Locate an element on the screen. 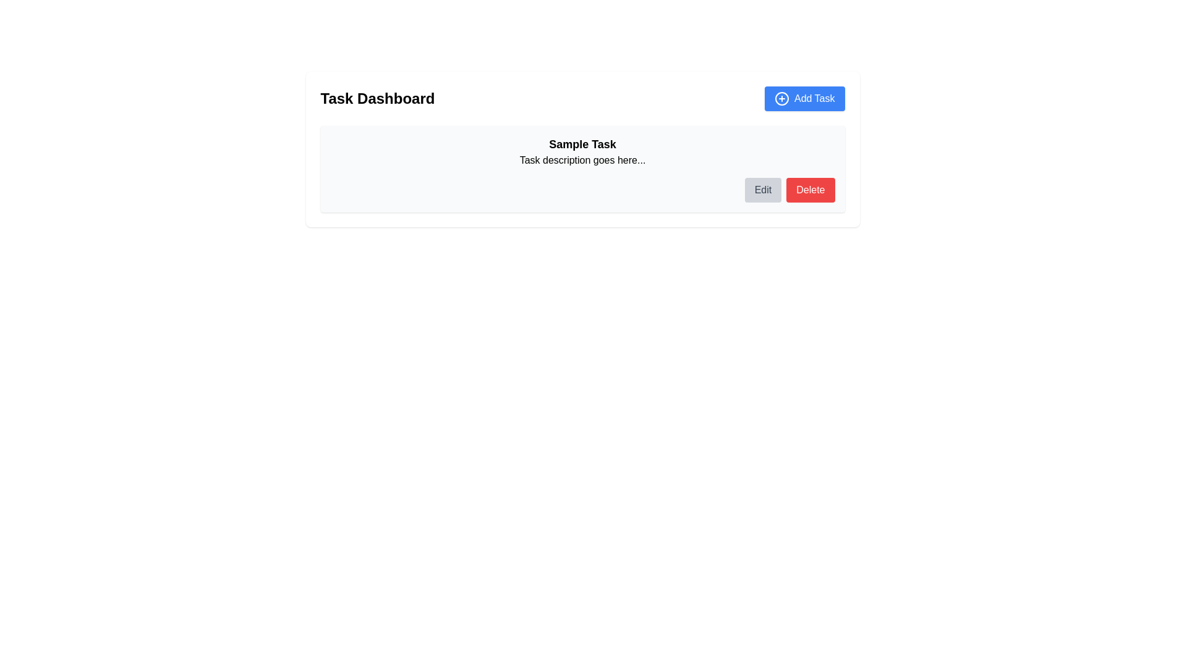  the circular SVG element that is part of the 'Add Task' button located in the top-right portion of the interface is located at coordinates (781, 98).